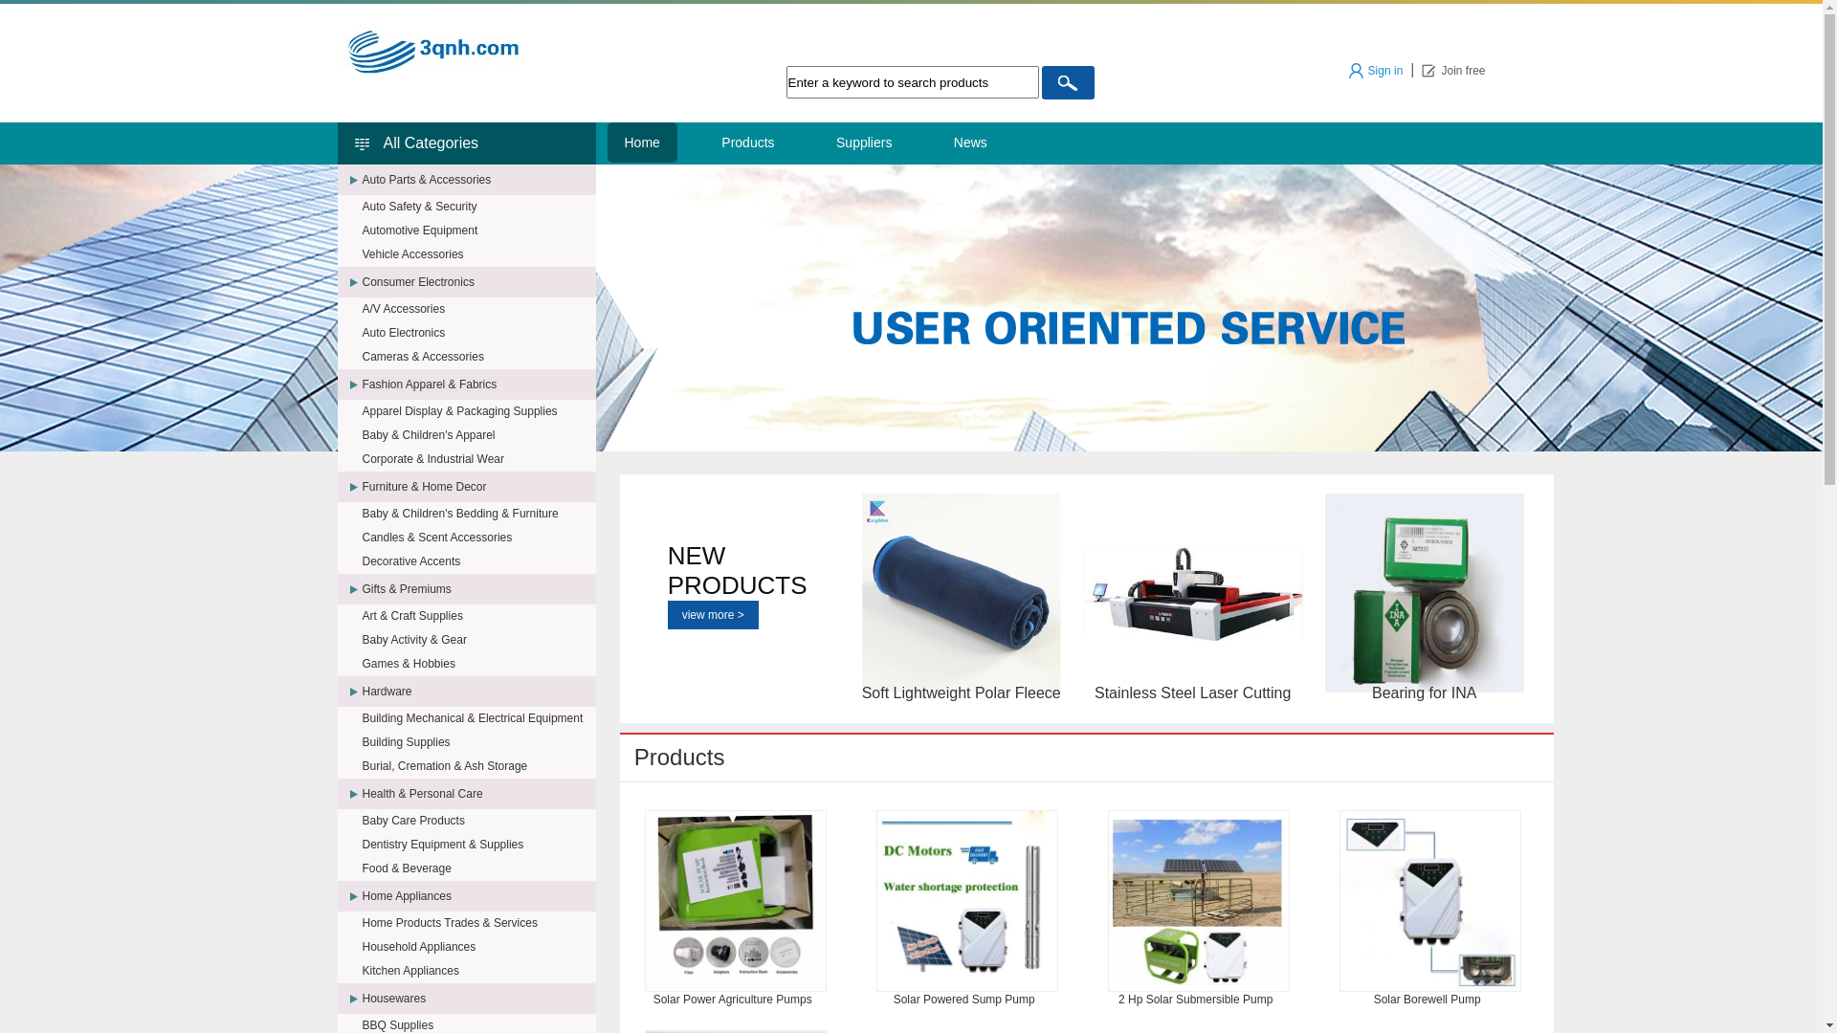 This screenshot has width=1837, height=1033. What do you see at coordinates (477, 663) in the screenshot?
I see `'Games & Hobbies'` at bounding box center [477, 663].